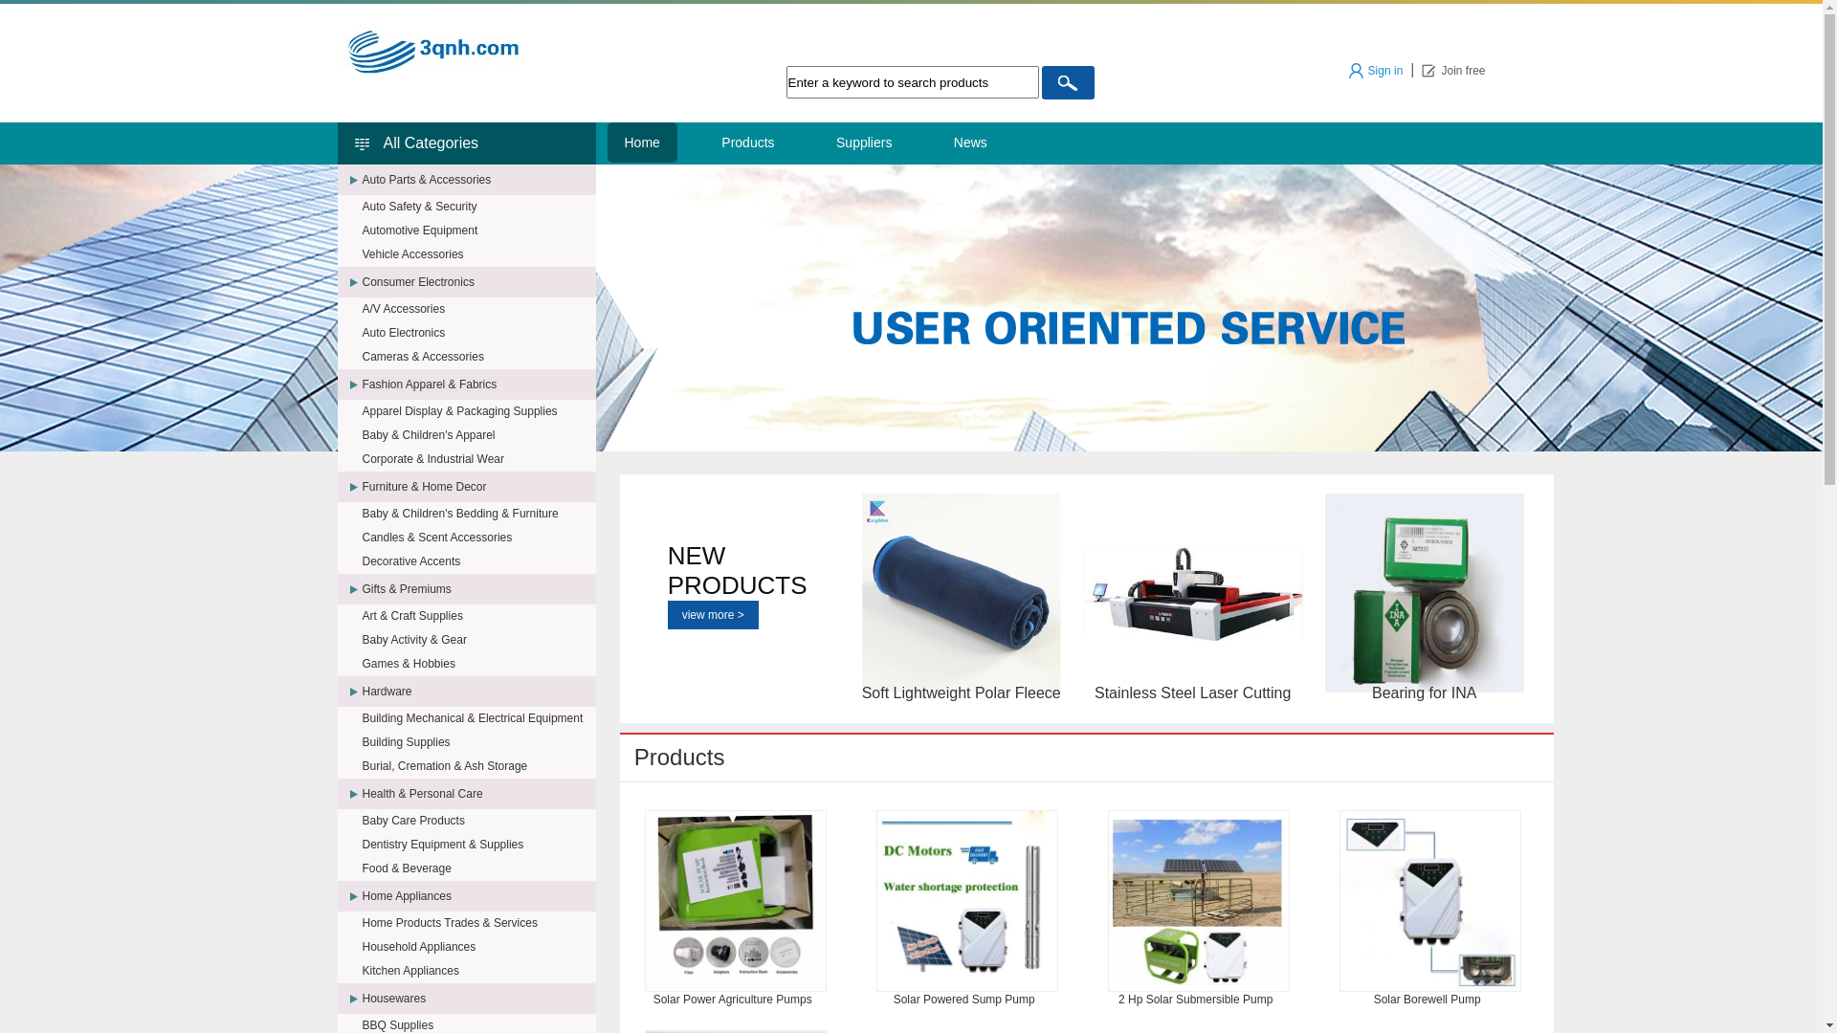 This screenshot has width=1837, height=1033. What do you see at coordinates (477, 663) in the screenshot?
I see `'Games & Hobbies'` at bounding box center [477, 663].